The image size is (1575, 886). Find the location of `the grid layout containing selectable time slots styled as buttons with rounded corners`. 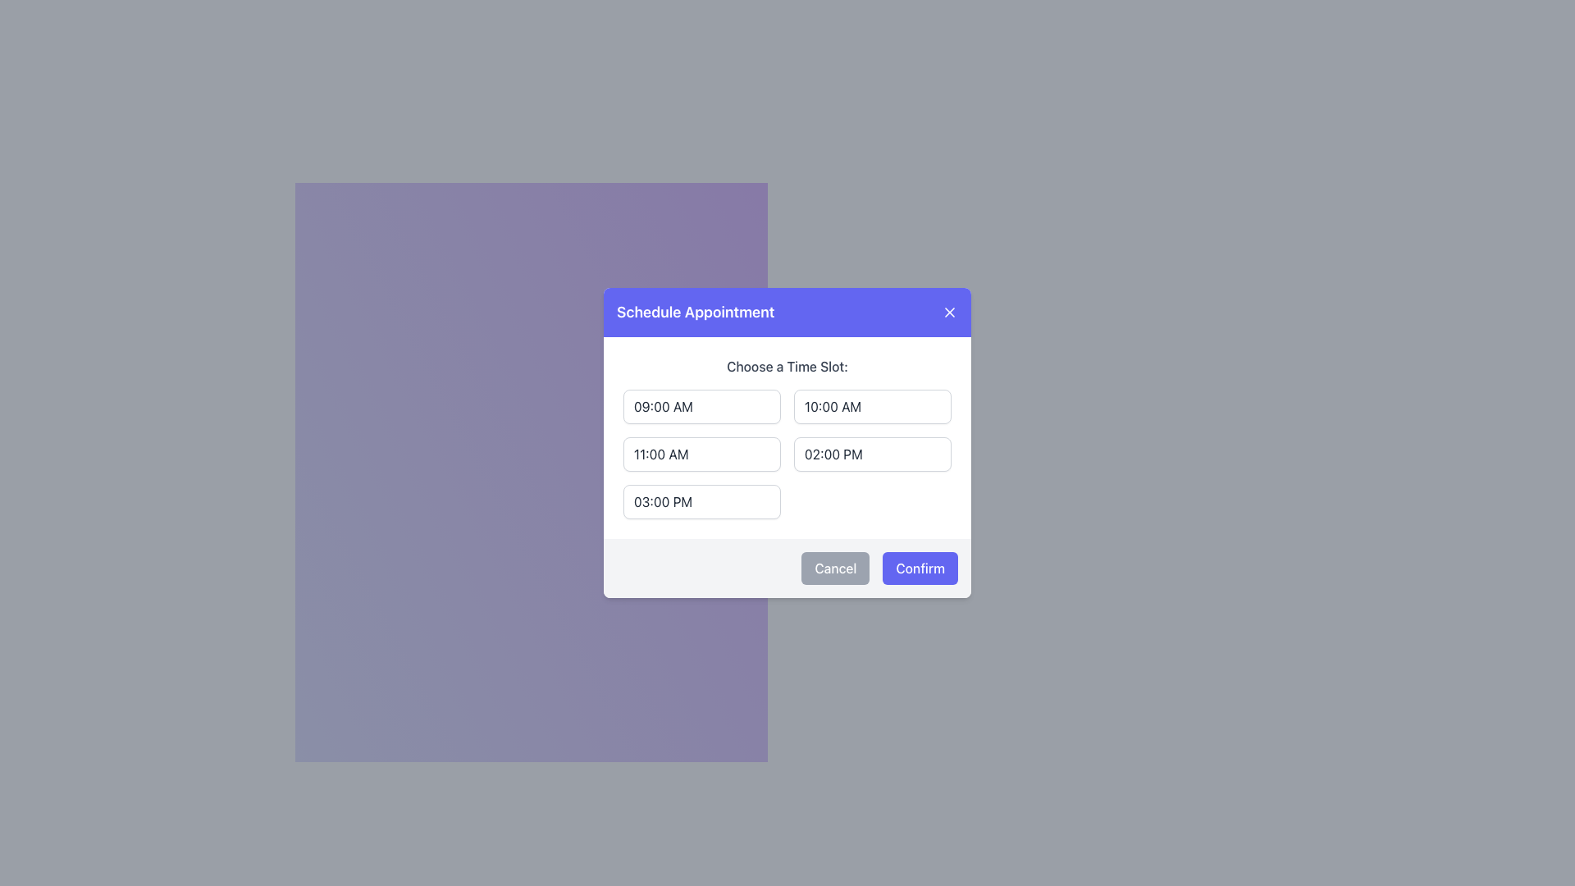

the grid layout containing selectable time slots styled as buttons with rounded corners is located at coordinates (787, 454).